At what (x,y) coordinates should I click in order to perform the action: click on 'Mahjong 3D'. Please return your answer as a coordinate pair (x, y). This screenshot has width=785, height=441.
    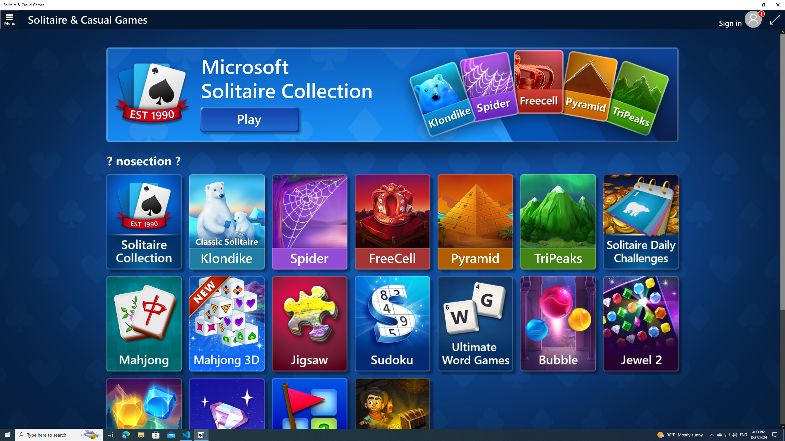
    Looking at the image, I should click on (226, 323).